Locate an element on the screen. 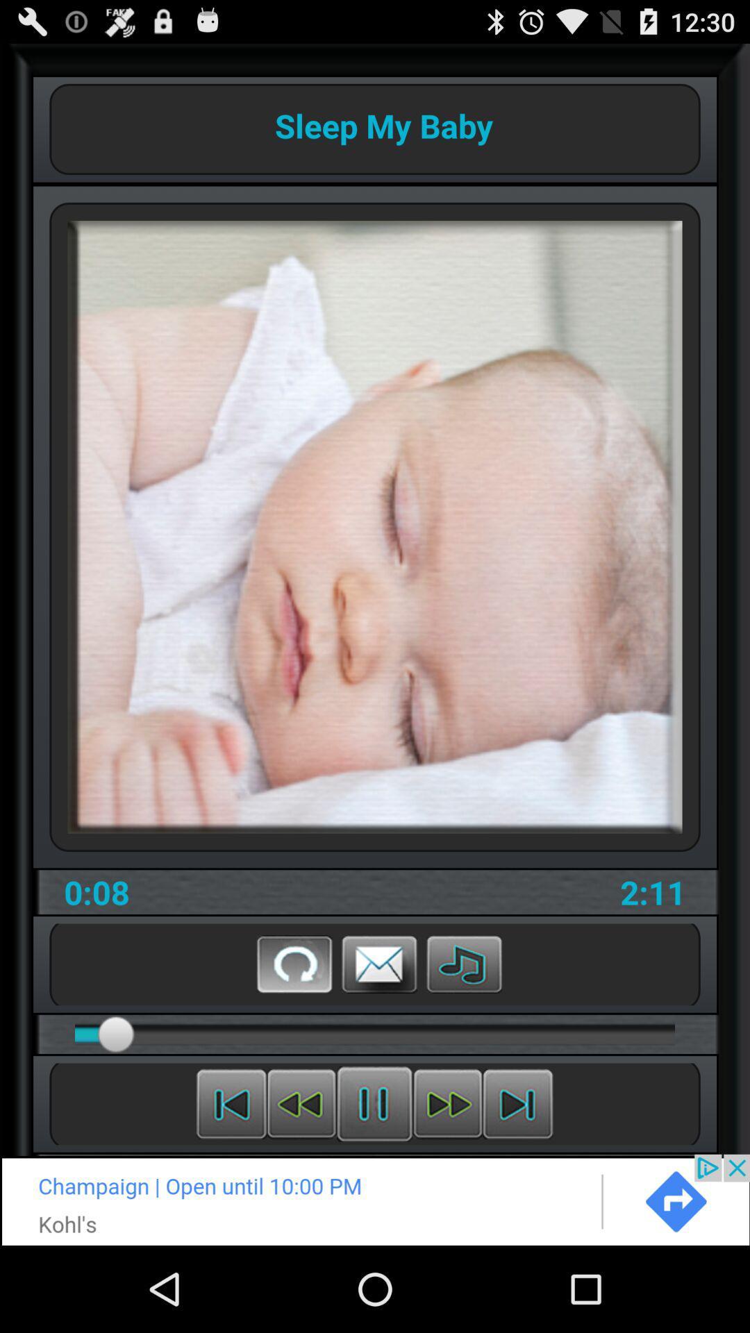 This screenshot has width=750, height=1333. message button is located at coordinates (379, 963).